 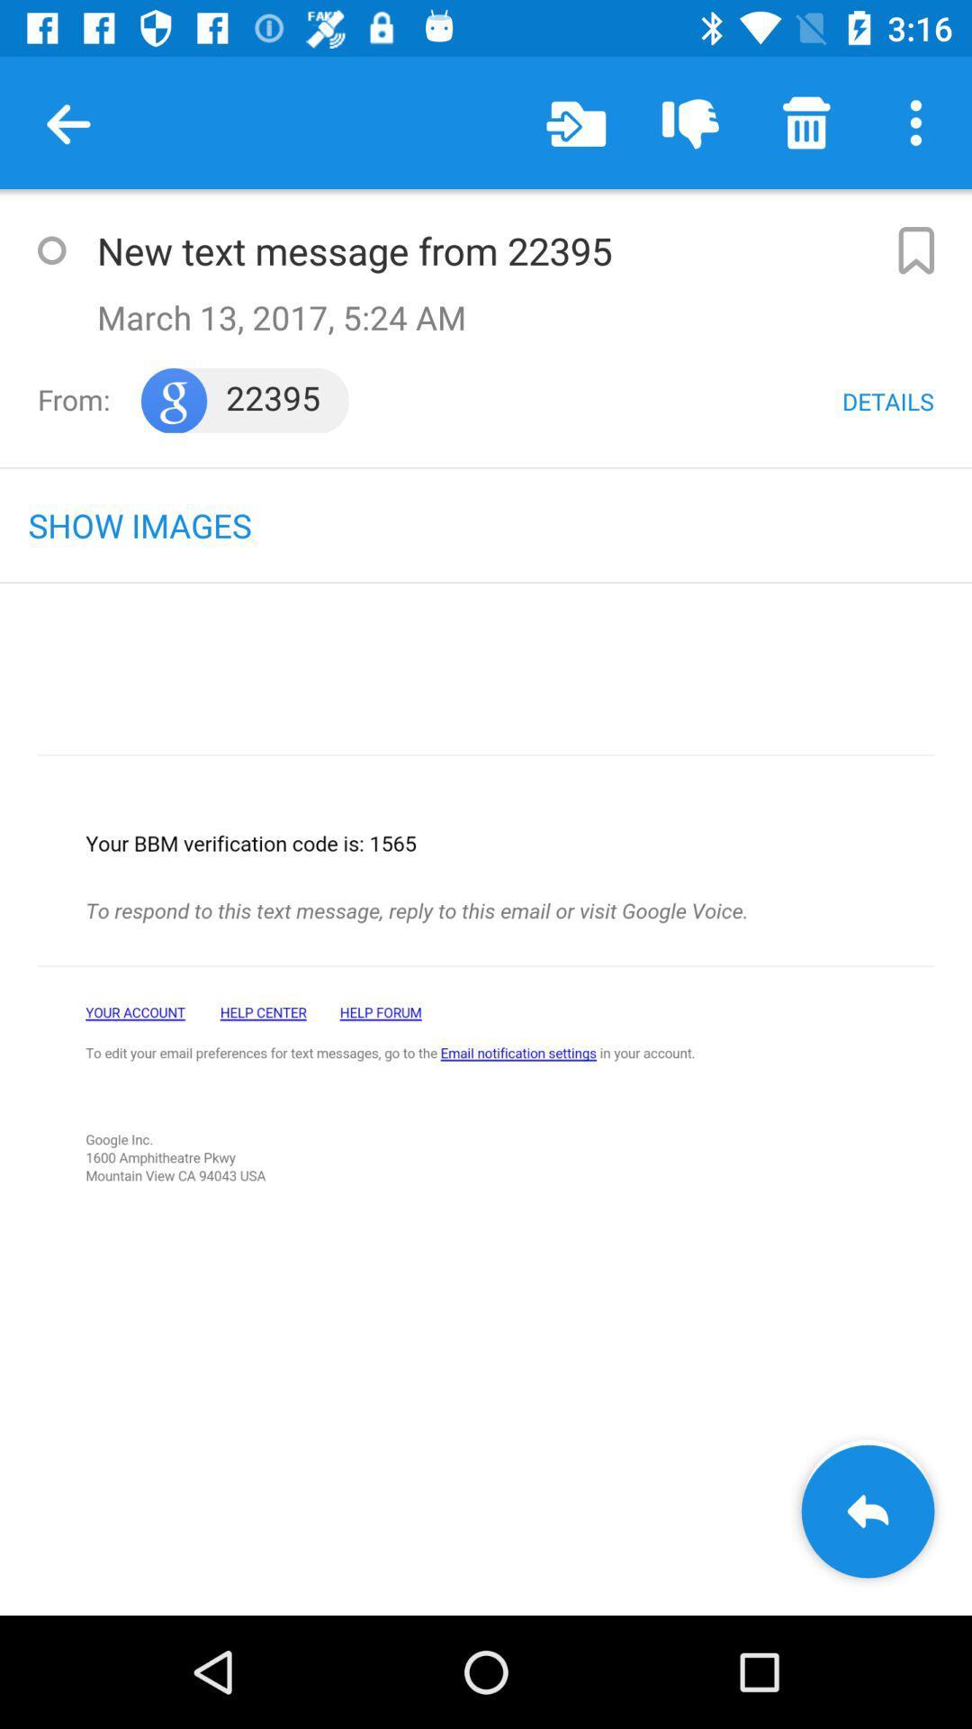 What do you see at coordinates (915, 249) in the screenshot?
I see `to make bookmark` at bounding box center [915, 249].